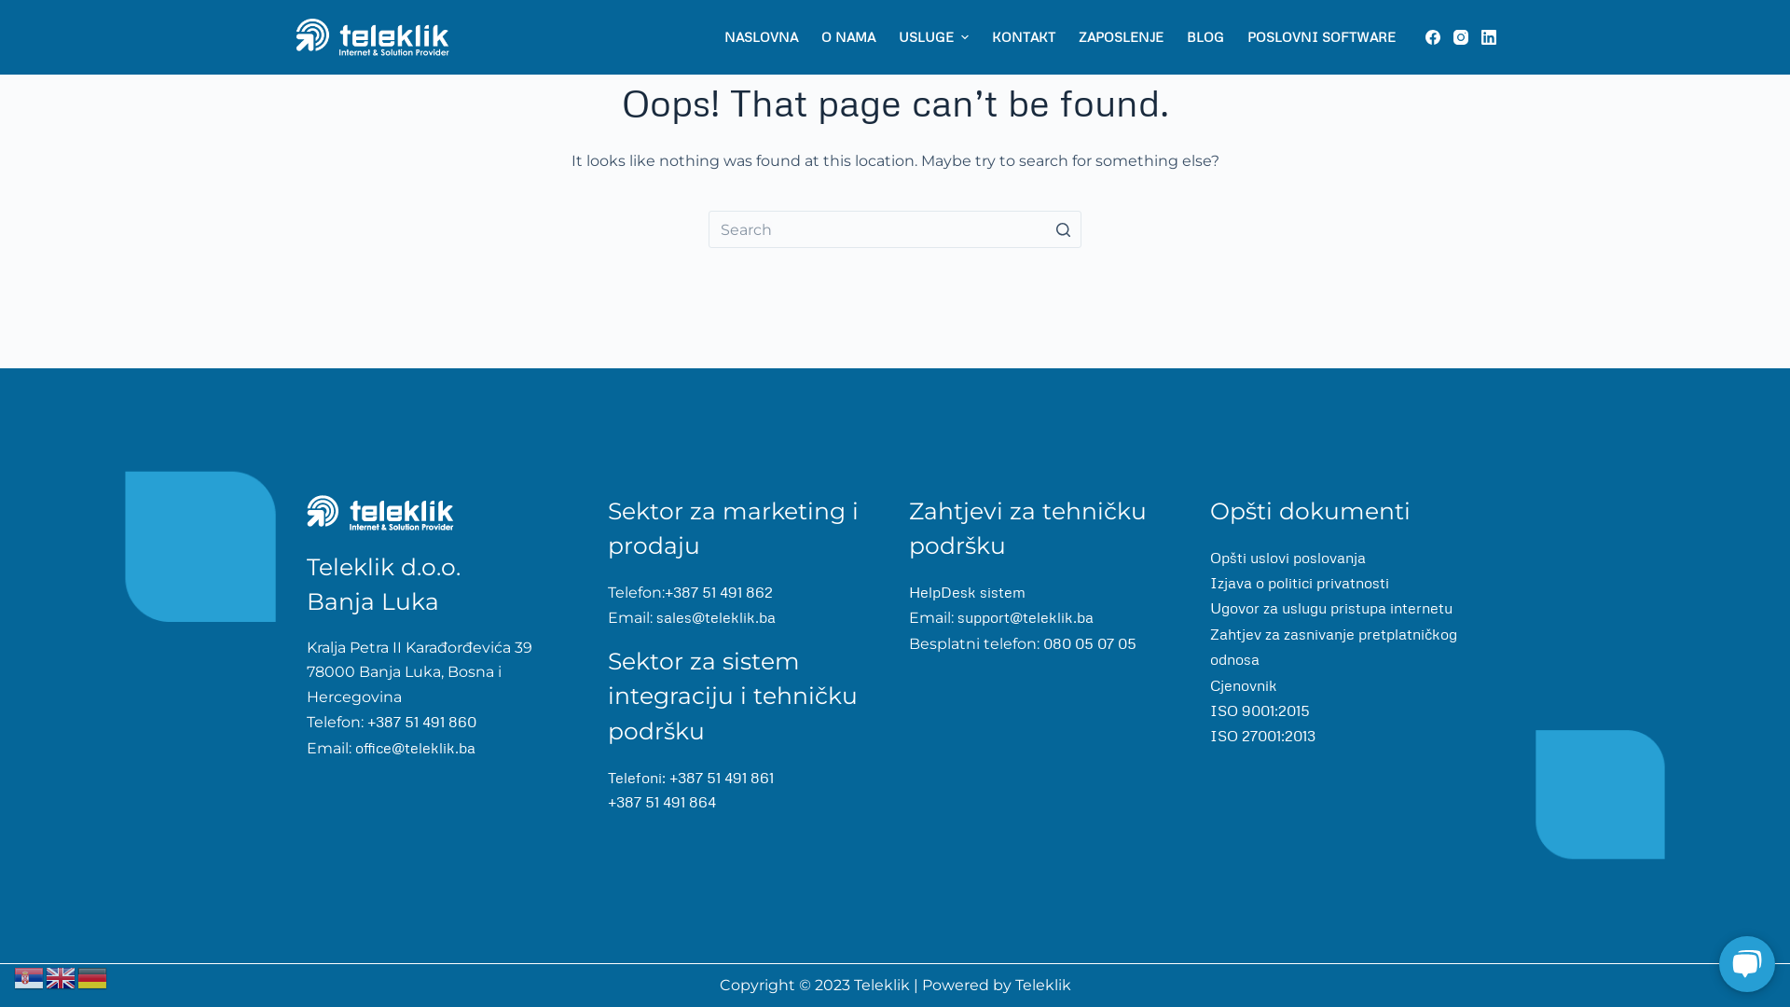  Describe the element at coordinates (1209, 607) in the screenshot. I see `'Ugovor za uslugu pristupa internetu'` at that location.